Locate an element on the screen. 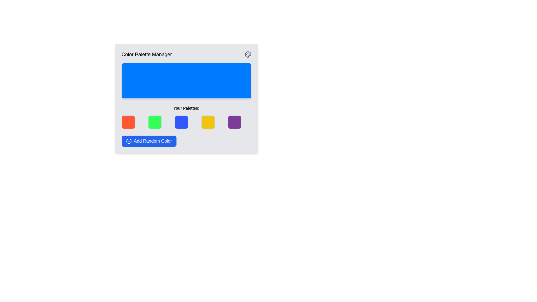 The height and width of the screenshot is (302, 537). the text label 'Your Palettes:' which is styled with a smaller font size and bold weight, located above a grid of colored boxes is located at coordinates (186, 108).